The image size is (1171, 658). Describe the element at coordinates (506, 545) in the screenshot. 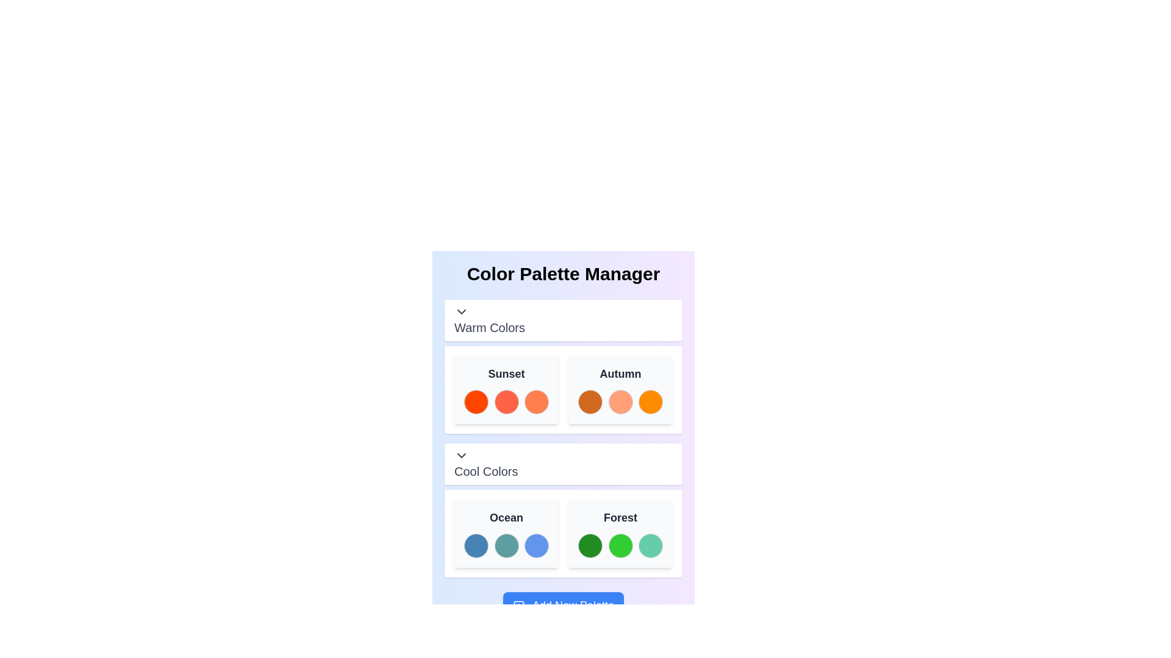

I see `the selectable color swatch representing a color selection option` at that location.